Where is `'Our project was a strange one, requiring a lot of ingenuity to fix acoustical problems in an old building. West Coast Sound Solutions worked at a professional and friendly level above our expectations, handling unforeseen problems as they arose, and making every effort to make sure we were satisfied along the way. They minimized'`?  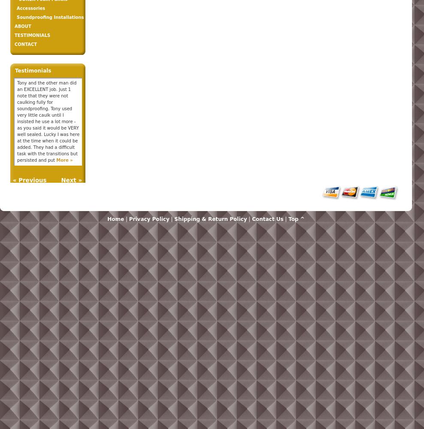
'Our project was a strange one, requiring a lot of ingenuity to fix acoustical problems in an old building. West Coast Sound Solutions worked at a professional and friendly level above our expectations, handling unforeseen problems as they arose, and making every effort to make sure we were satisfied along the way. They minimized' is located at coordinates (85, 121).